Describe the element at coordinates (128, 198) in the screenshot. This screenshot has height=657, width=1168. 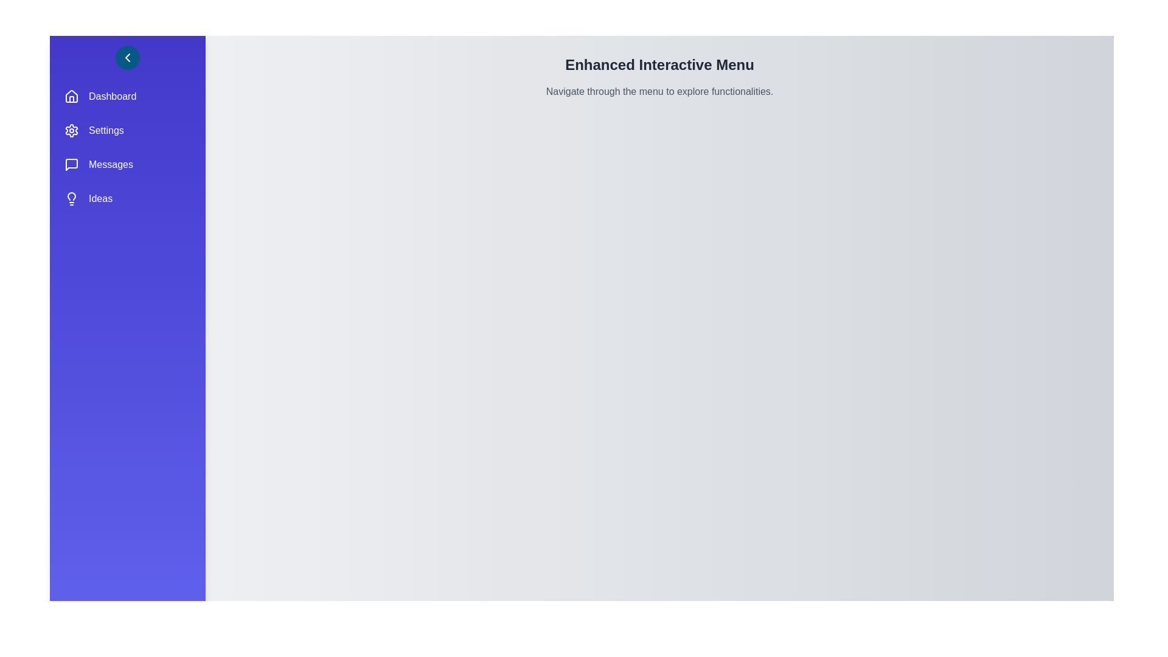
I see `the menu item Ideas to observe its hover effect` at that location.